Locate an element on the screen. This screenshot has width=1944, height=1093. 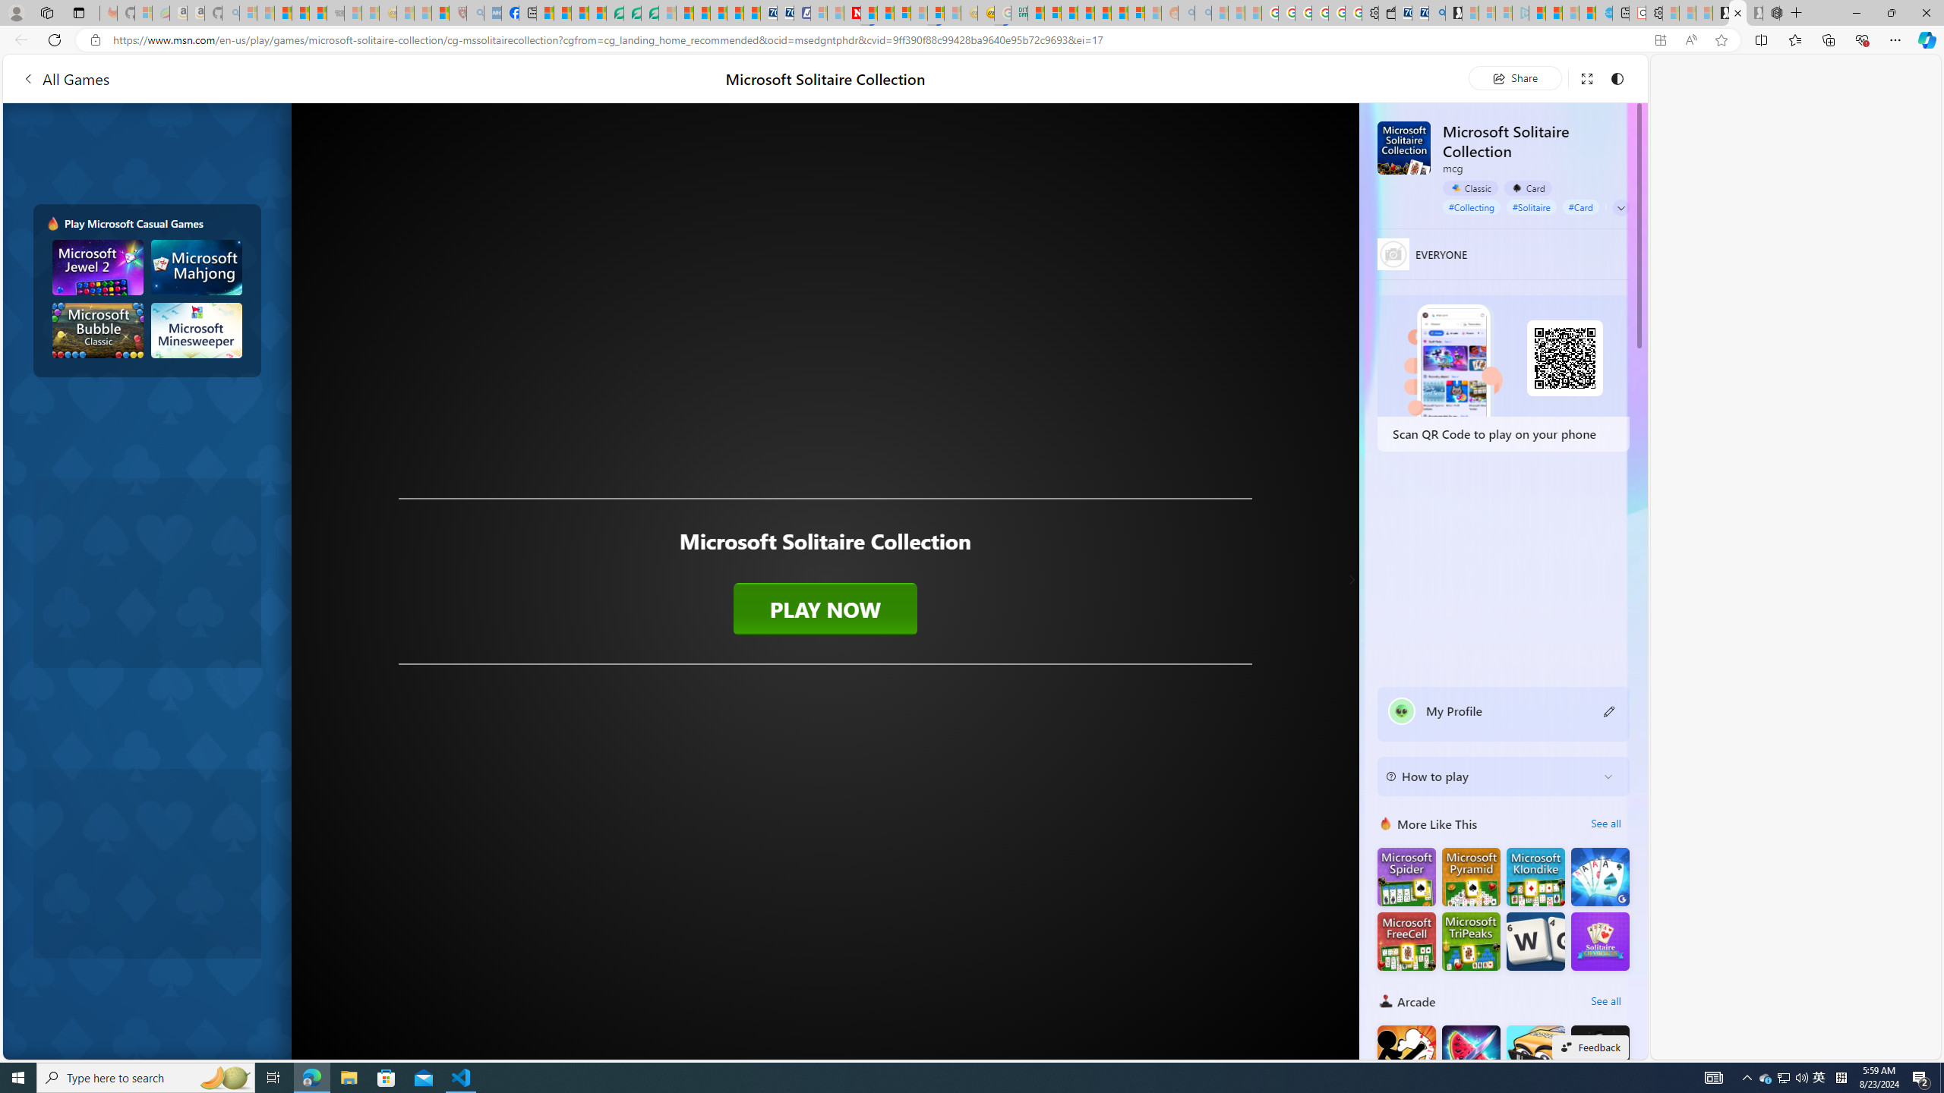
'Latest Politics News & Archive | Newsweek.com' is located at coordinates (851, 12).